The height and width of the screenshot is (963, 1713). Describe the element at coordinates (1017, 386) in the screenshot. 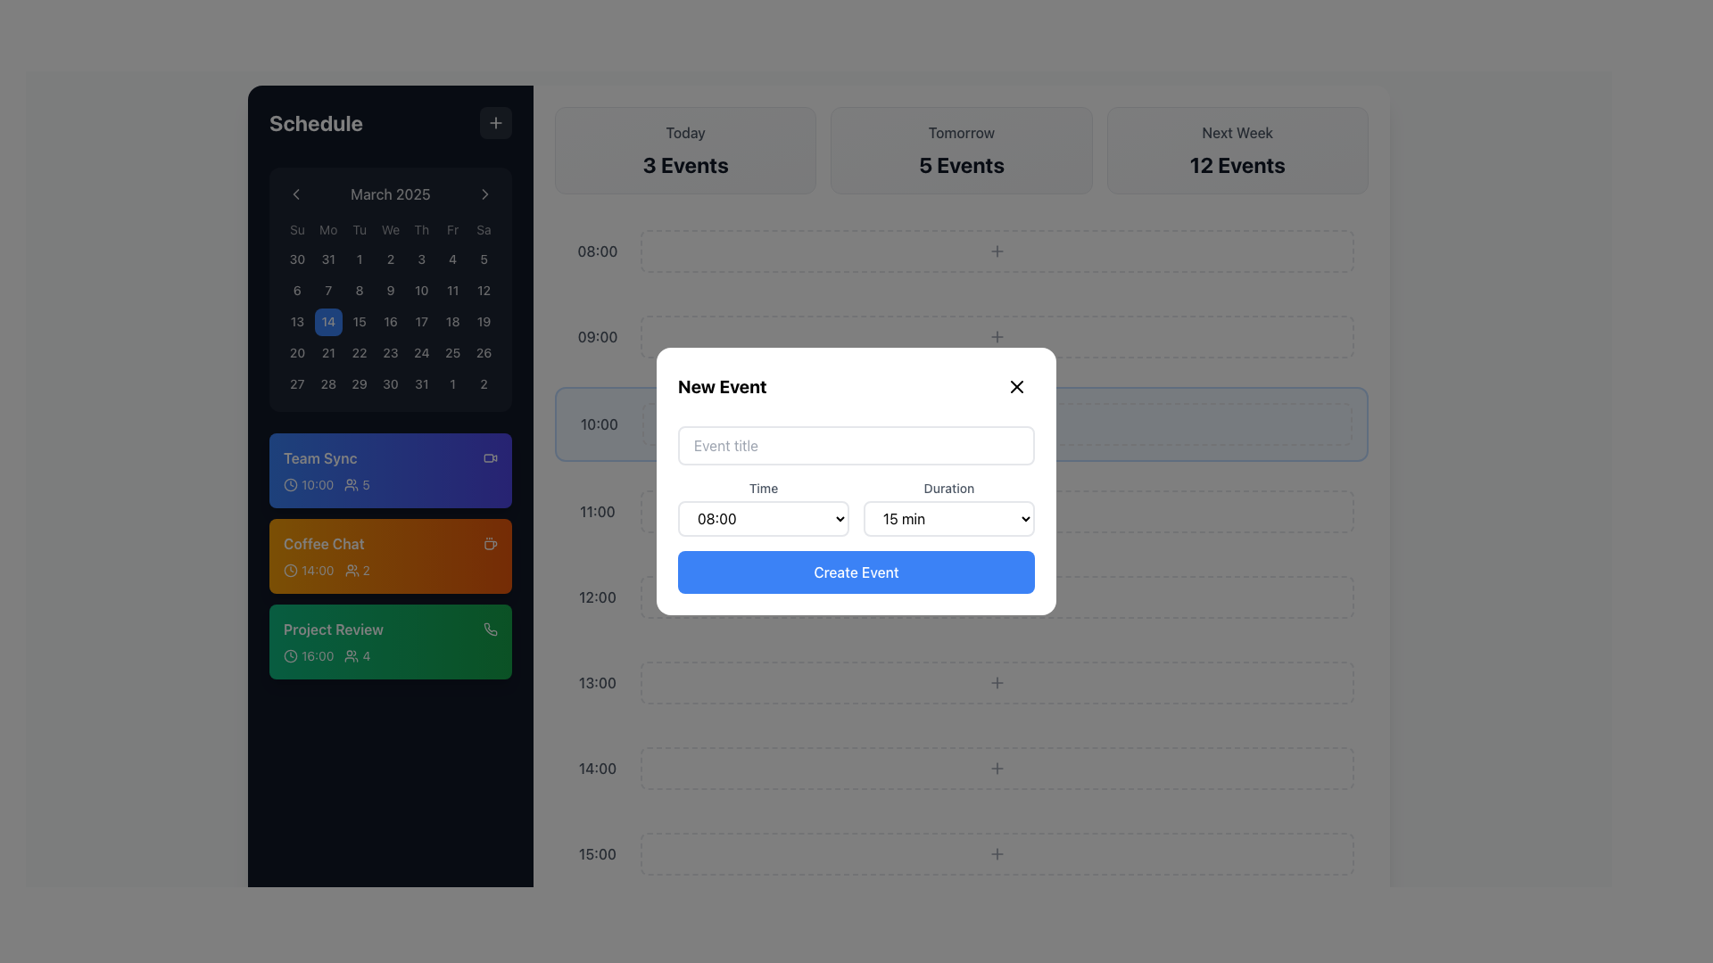

I see `the 'X' close button located at the upper-right corner of the 'New Event' modal dialog` at that location.